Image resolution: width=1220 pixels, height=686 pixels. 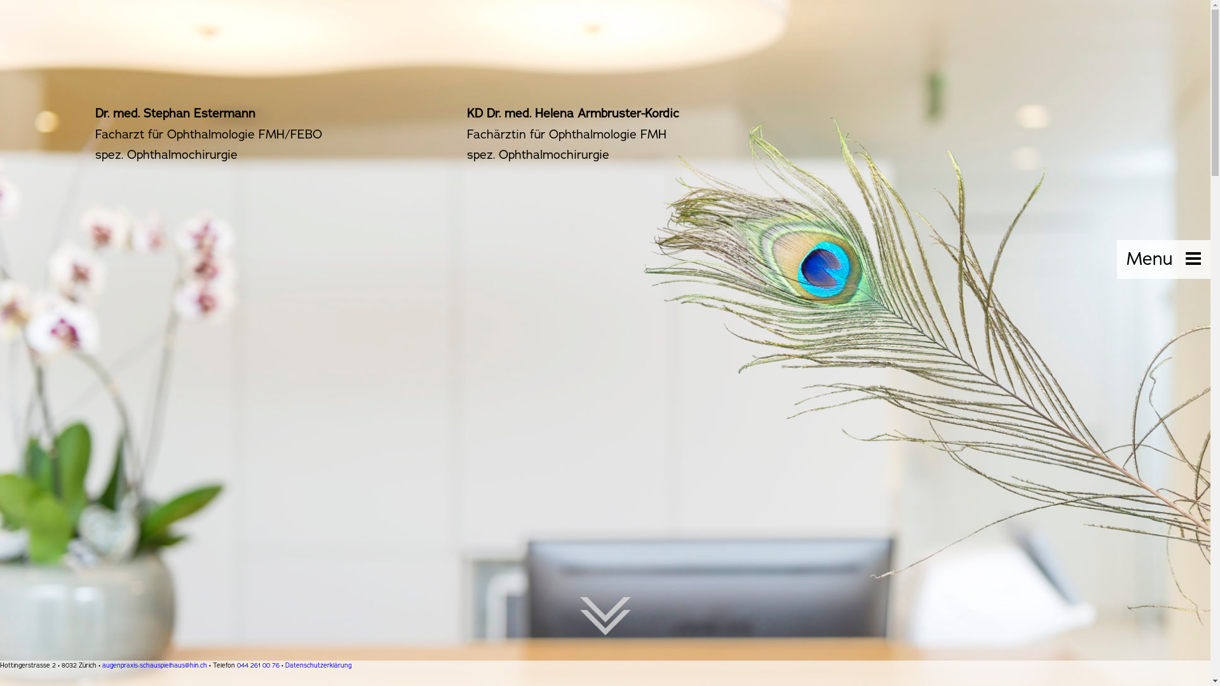 What do you see at coordinates (154, 665) in the screenshot?
I see `'augenpraxis-schauspielhaus@hin.ch'` at bounding box center [154, 665].